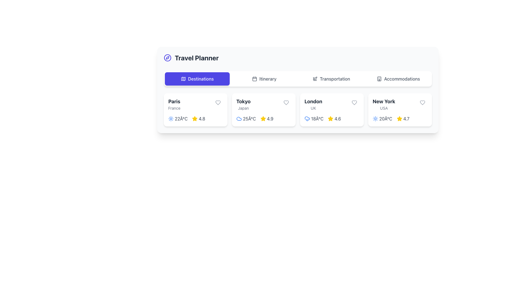 The image size is (532, 299). I want to click on the plane-shaped icon with gray strokes located to the left of the 'Transportation' label in the horizontally-arranged menu bar, so click(315, 79).